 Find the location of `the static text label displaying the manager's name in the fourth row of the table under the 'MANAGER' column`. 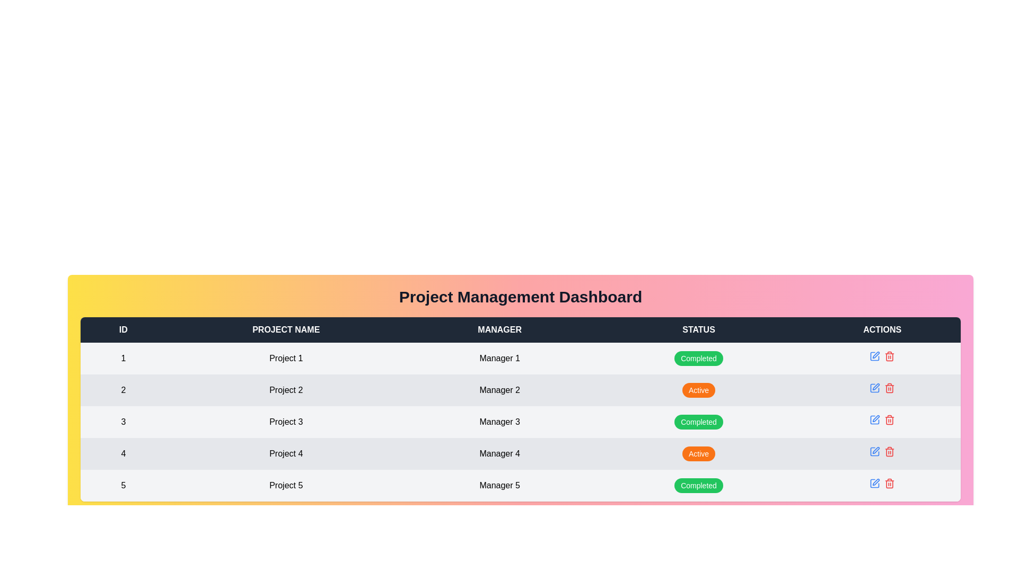

the static text label displaying the manager's name in the fourth row of the table under the 'MANAGER' column is located at coordinates (499, 453).